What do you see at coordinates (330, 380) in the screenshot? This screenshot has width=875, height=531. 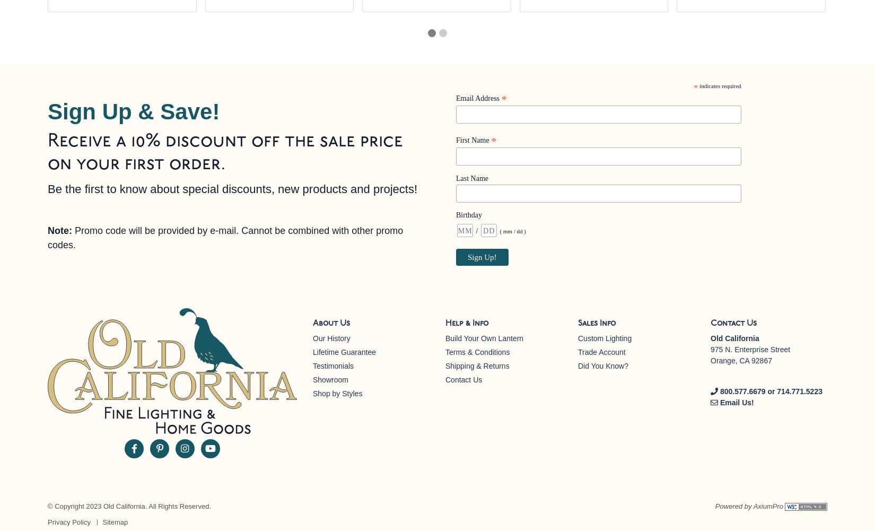 I see `'Showroom'` at bounding box center [330, 380].